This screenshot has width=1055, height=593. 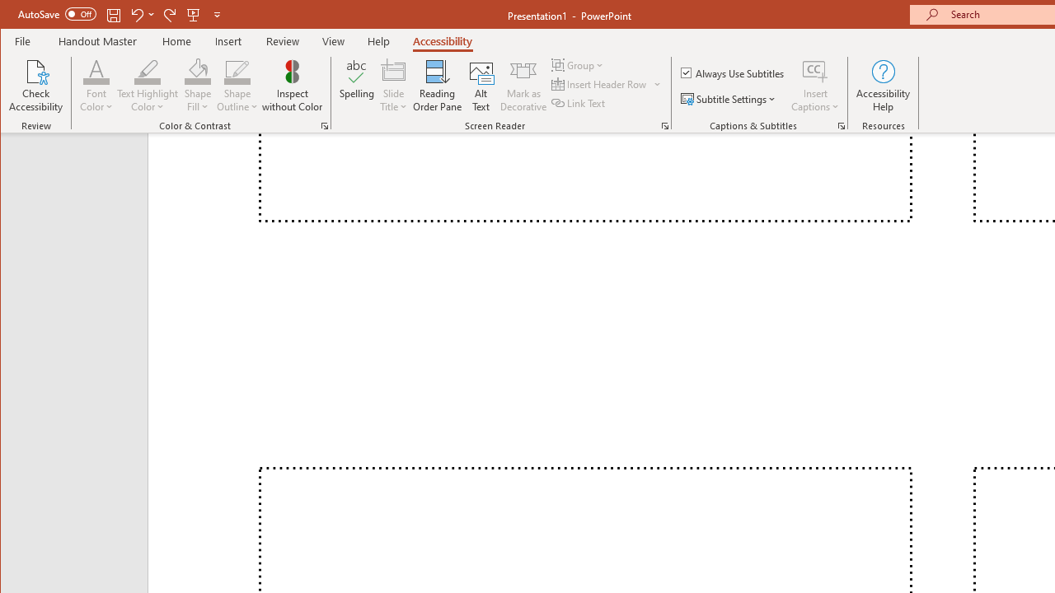 I want to click on 'Subtitle Settings', so click(x=729, y=99).